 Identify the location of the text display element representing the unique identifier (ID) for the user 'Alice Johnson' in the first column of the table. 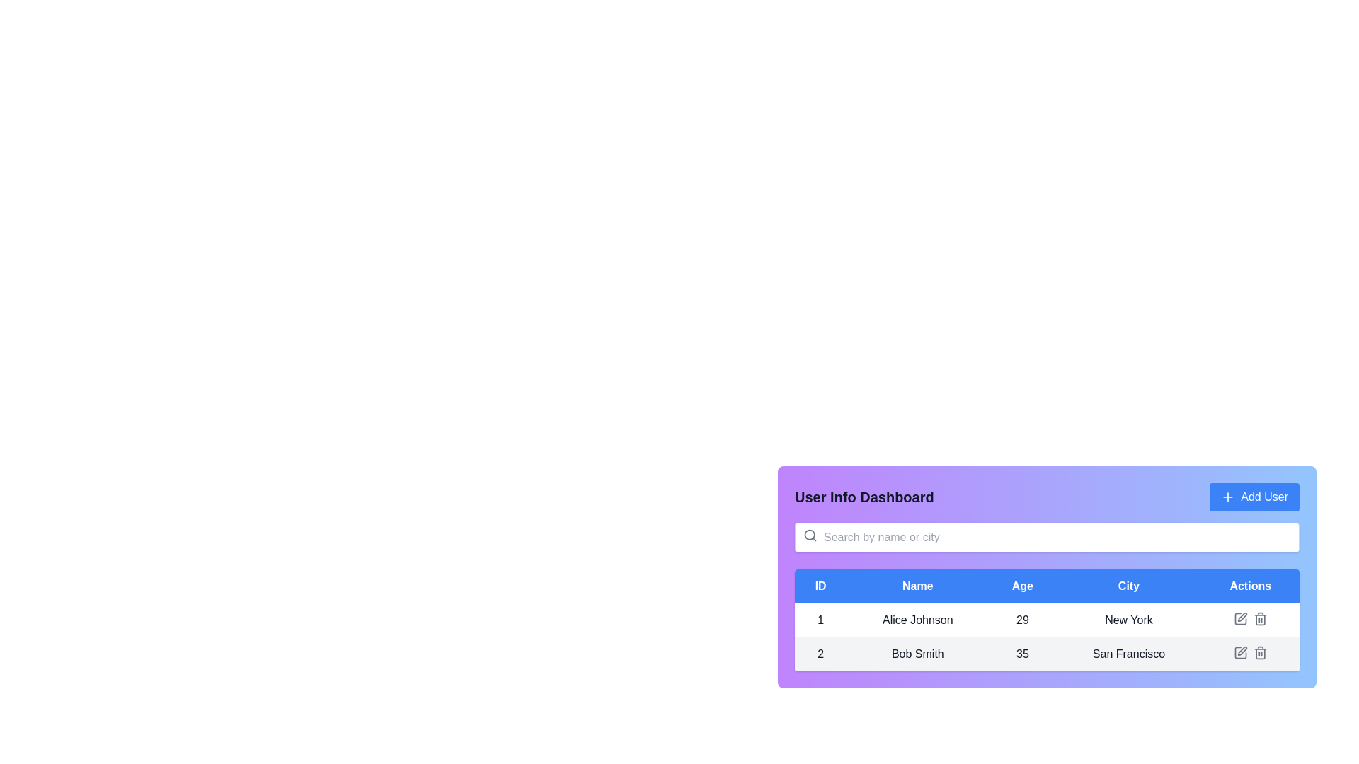
(820, 619).